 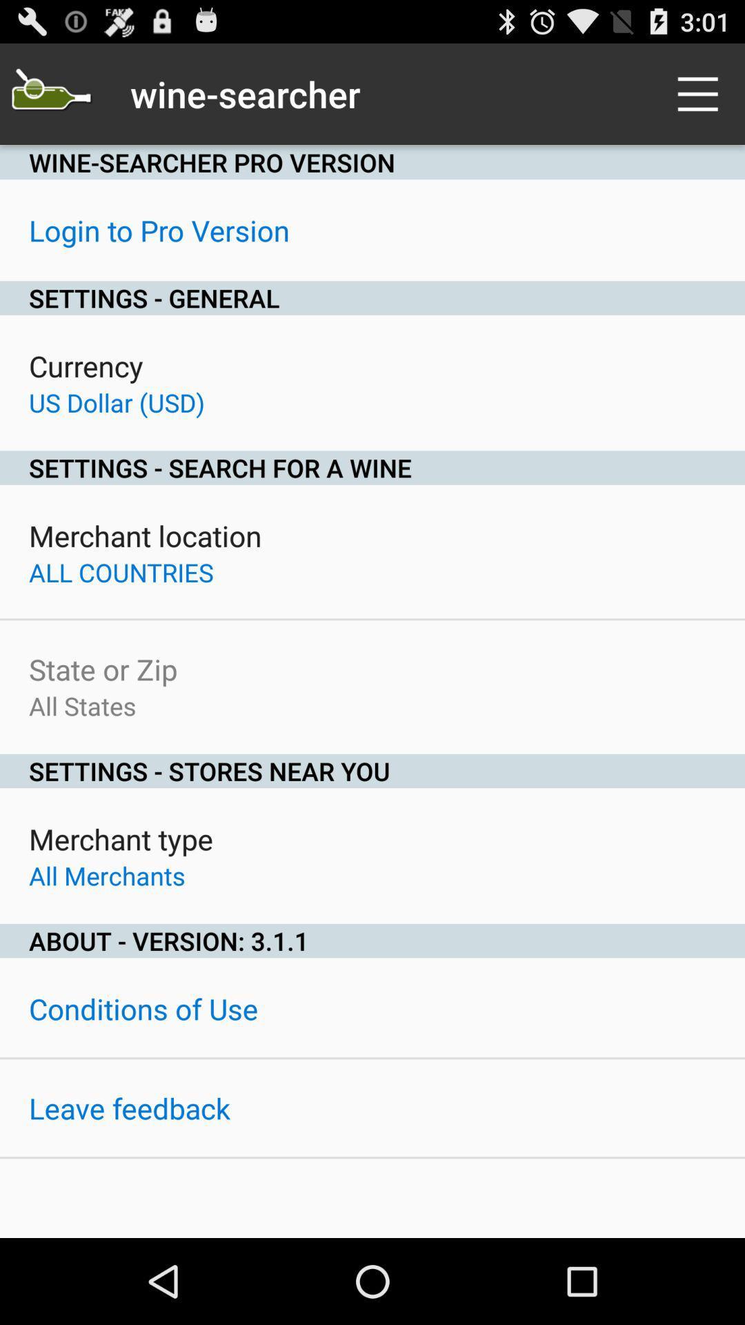 What do you see at coordinates (129, 1108) in the screenshot?
I see `the item below the conditions of use icon` at bounding box center [129, 1108].